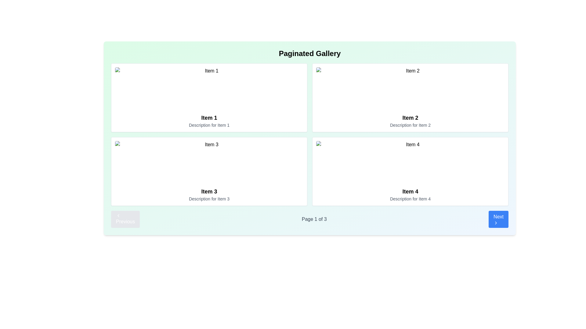 This screenshot has height=329, width=586. What do you see at coordinates (410, 118) in the screenshot?
I see `the bold text label displaying 'Item 2' located in the upper-right section of the interface, which is styled for clear visibility and positioned below an image and above a description text` at bounding box center [410, 118].